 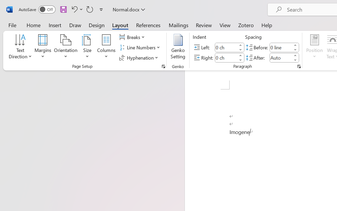 I want to click on 'Spacing Before', so click(x=280, y=47).